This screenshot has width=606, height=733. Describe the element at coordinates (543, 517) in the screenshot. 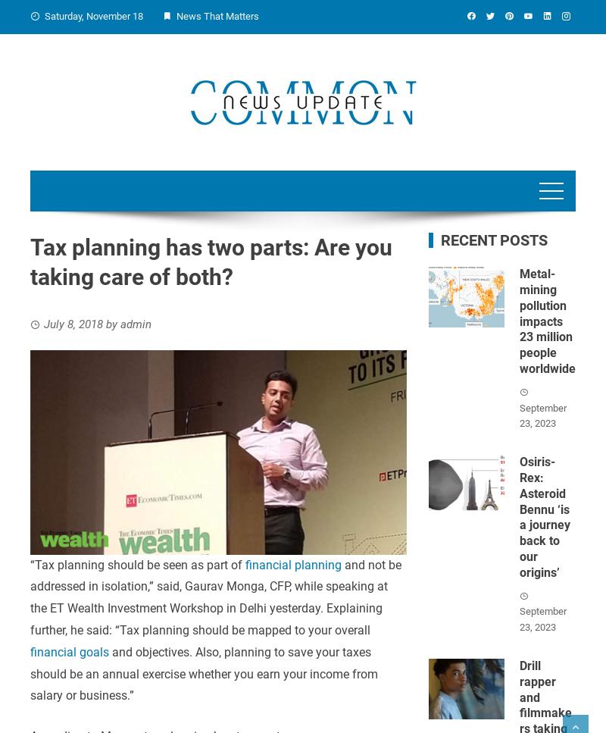

I see `'Osiris-Rex: Asteroid Bennu ‘is a journey back to our origins’'` at that location.